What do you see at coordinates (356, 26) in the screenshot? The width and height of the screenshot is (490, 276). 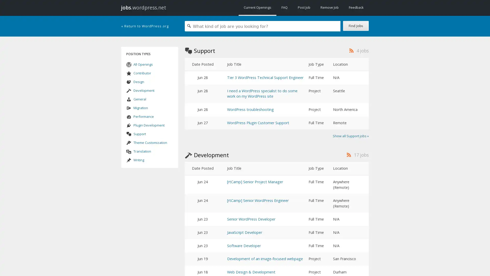 I see `Find Jobs` at bounding box center [356, 26].